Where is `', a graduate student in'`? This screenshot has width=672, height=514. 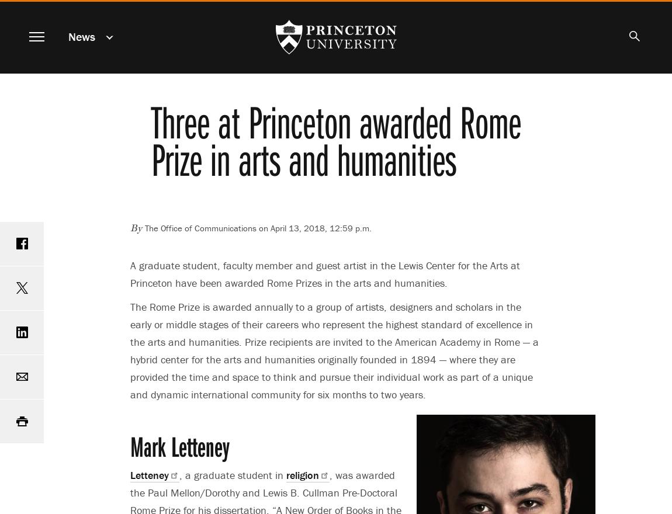 ', a graduate student in' is located at coordinates (233, 474).